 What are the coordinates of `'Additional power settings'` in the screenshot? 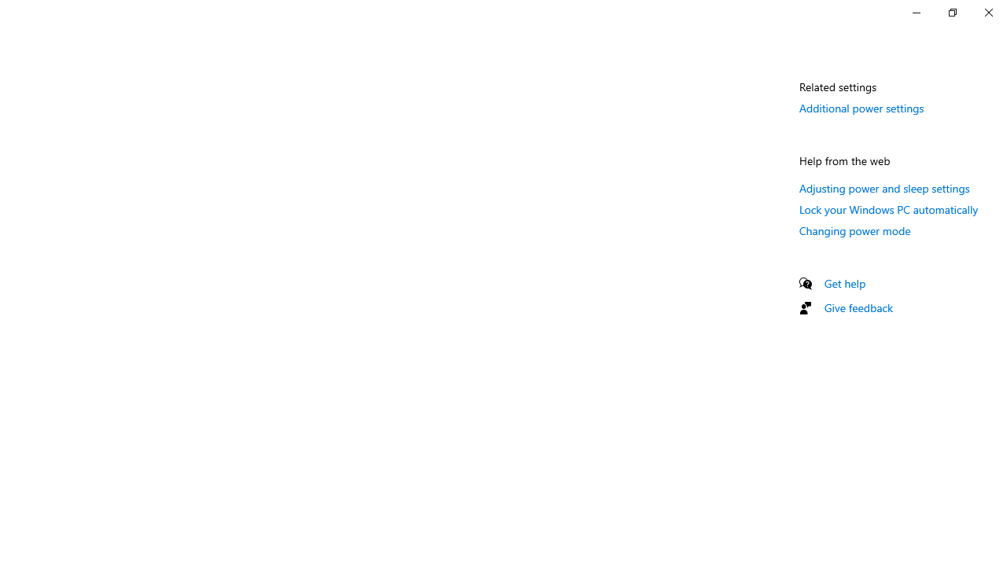 It's located at (861, 107).